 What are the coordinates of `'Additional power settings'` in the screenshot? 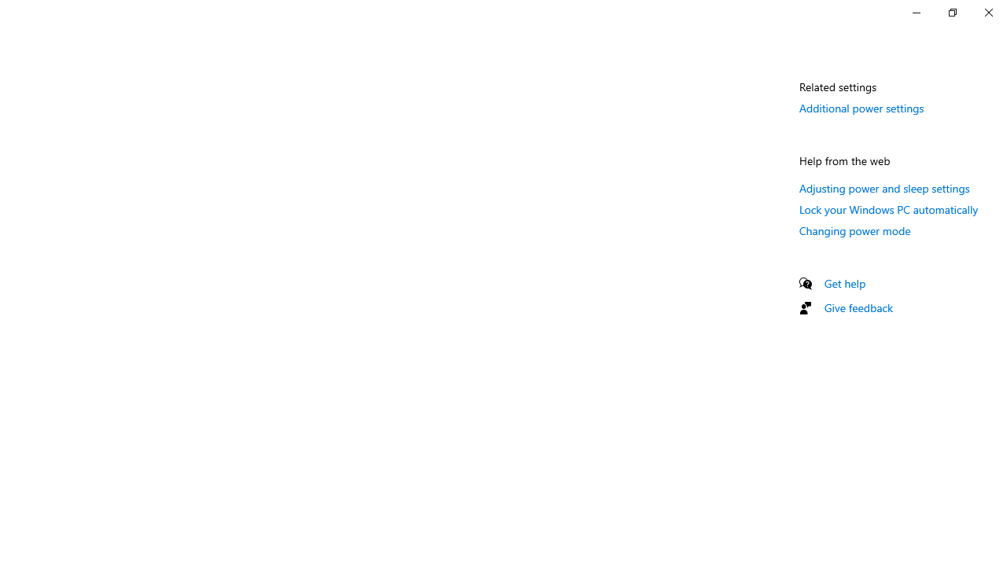 It's located at (861, 107).